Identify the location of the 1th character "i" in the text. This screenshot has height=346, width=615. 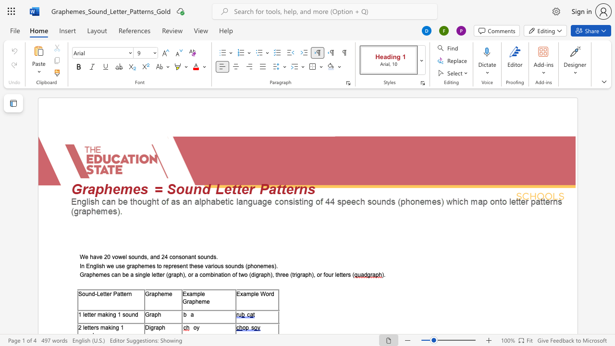
(213, 266).